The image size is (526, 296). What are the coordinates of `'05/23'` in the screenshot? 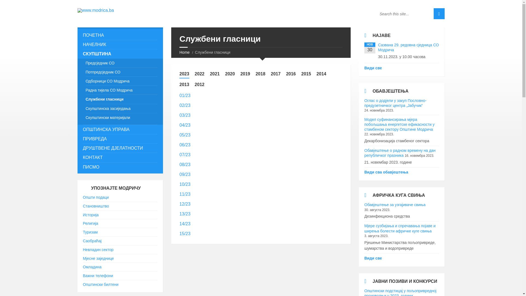 It's located at (179, 135).